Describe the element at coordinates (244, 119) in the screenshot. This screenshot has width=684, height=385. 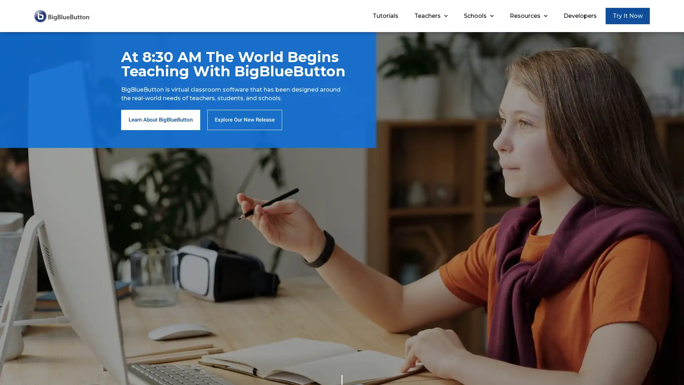
I see `Explore Our New Release` at that location.